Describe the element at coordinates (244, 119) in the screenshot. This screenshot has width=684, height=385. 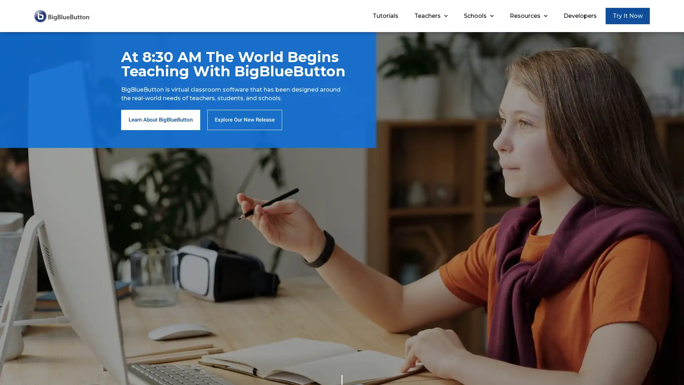
I see `Explore Our New Release` at that location.